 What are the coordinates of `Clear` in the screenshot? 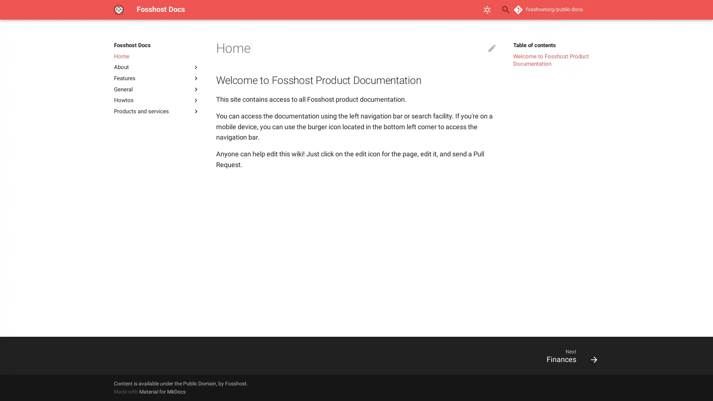 It's located at (488, 10).